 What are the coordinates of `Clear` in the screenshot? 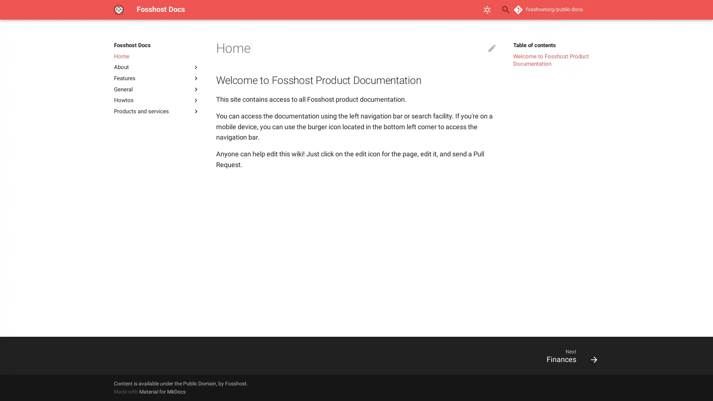 It's located at (488, 10).